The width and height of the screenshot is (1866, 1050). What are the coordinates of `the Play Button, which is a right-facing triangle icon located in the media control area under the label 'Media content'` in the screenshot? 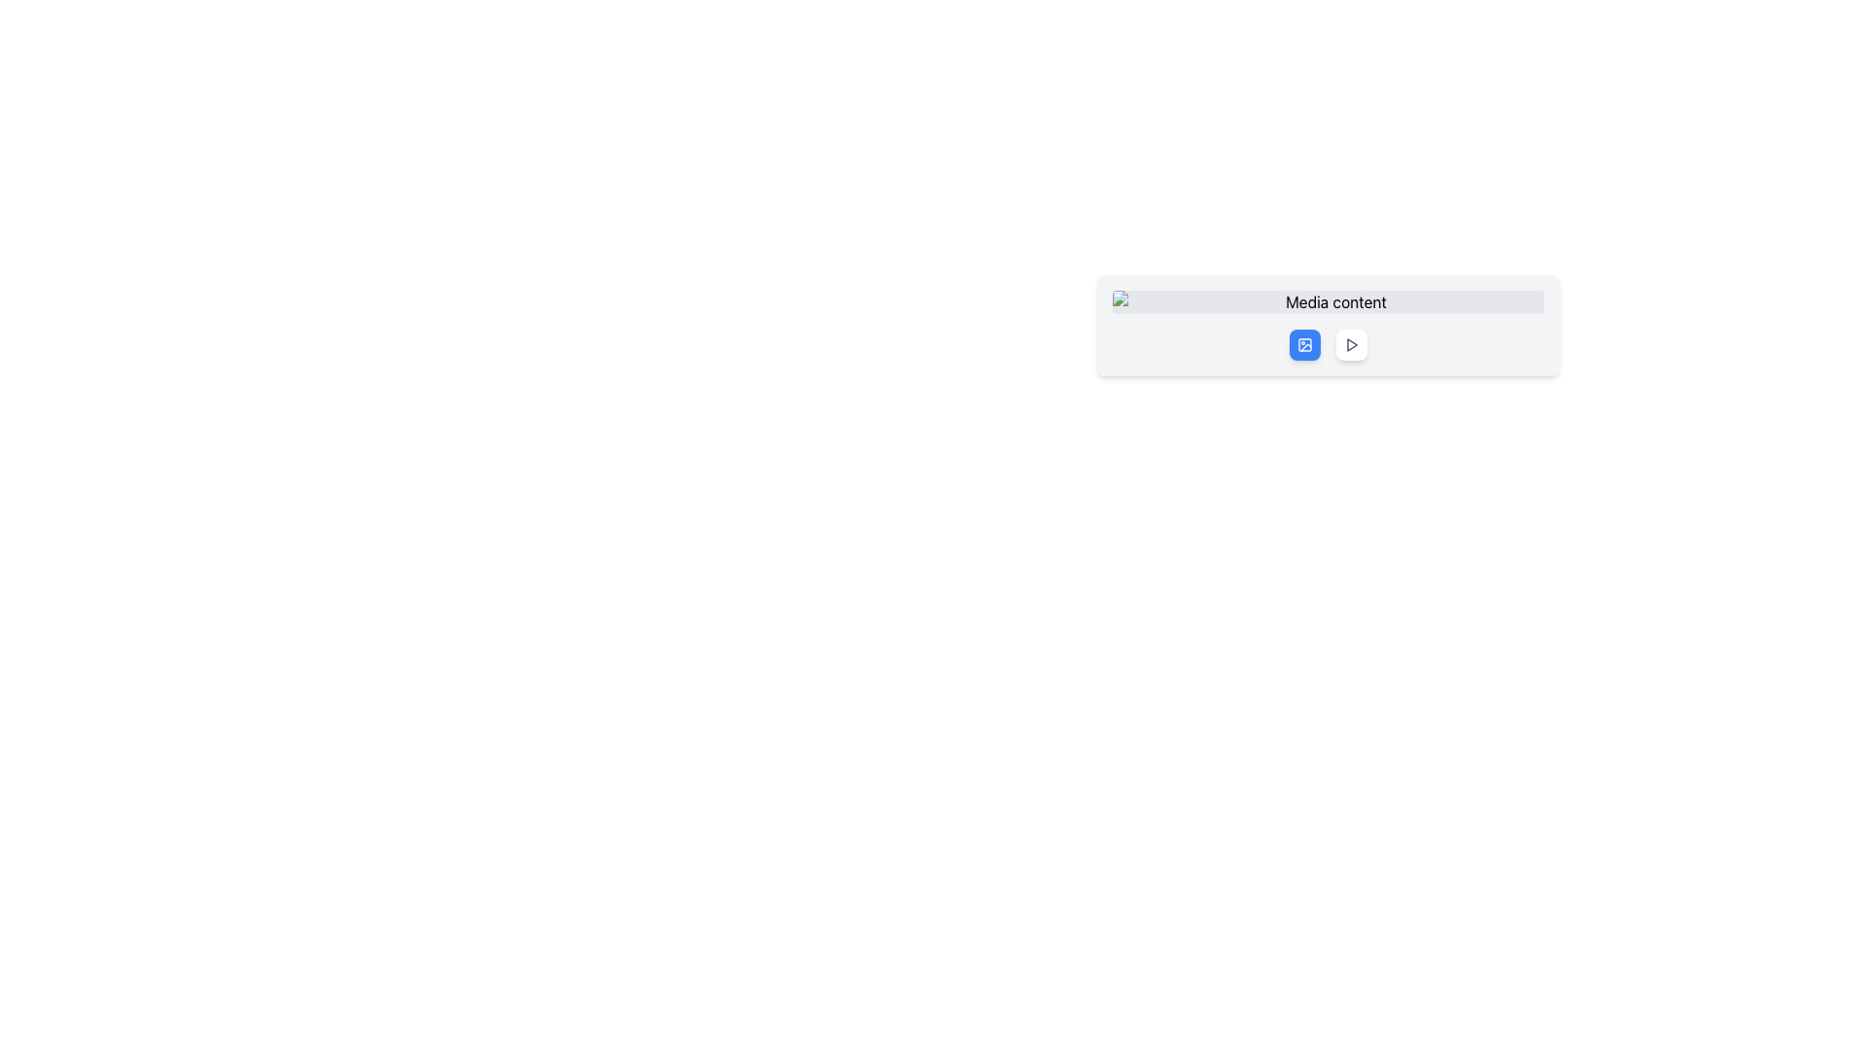 It's located at (1351, 343).